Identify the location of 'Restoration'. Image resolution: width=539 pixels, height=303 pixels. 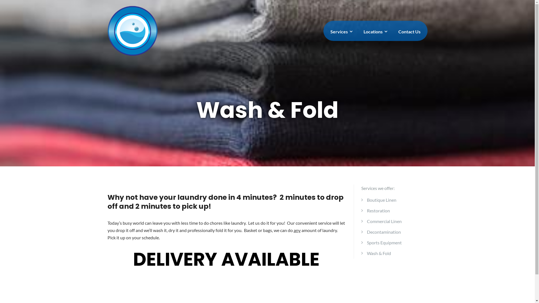
(378, 210).